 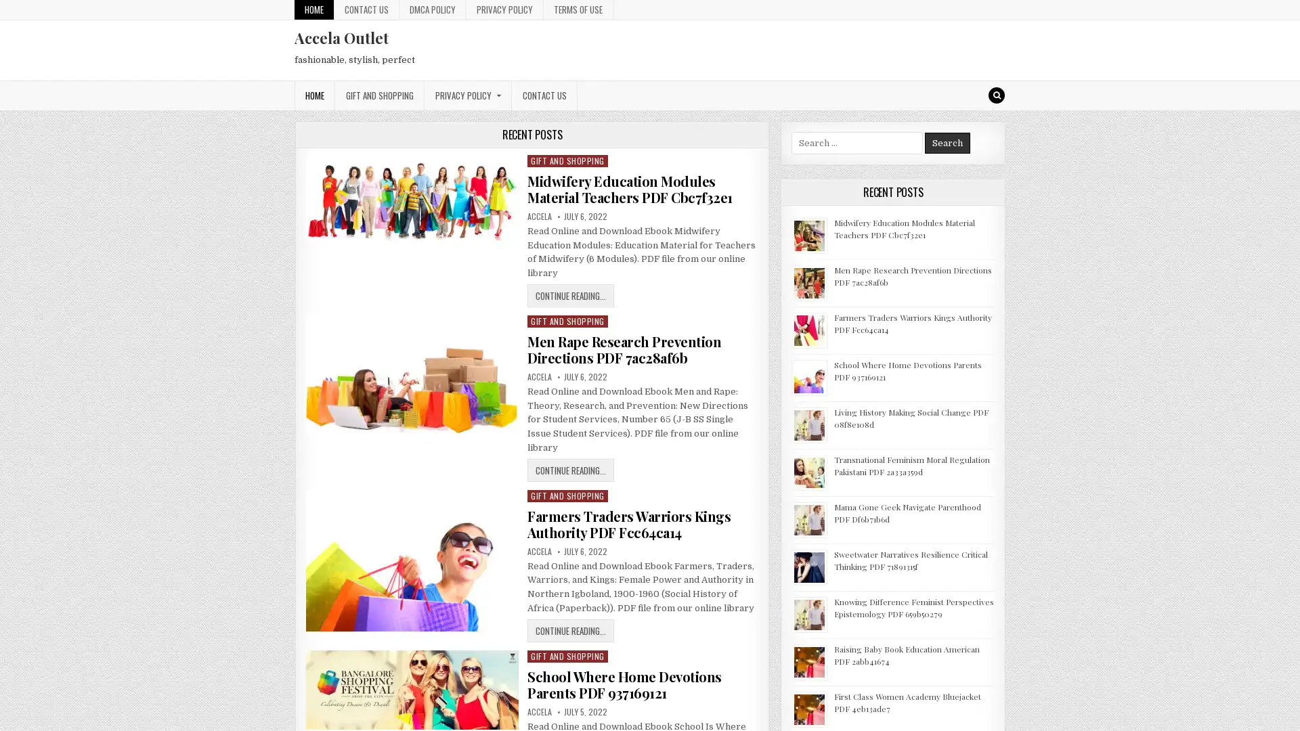 What do you see at coordinates (947, 143) in the screenshot?
I see `Search` at bounding box center [947, 143].